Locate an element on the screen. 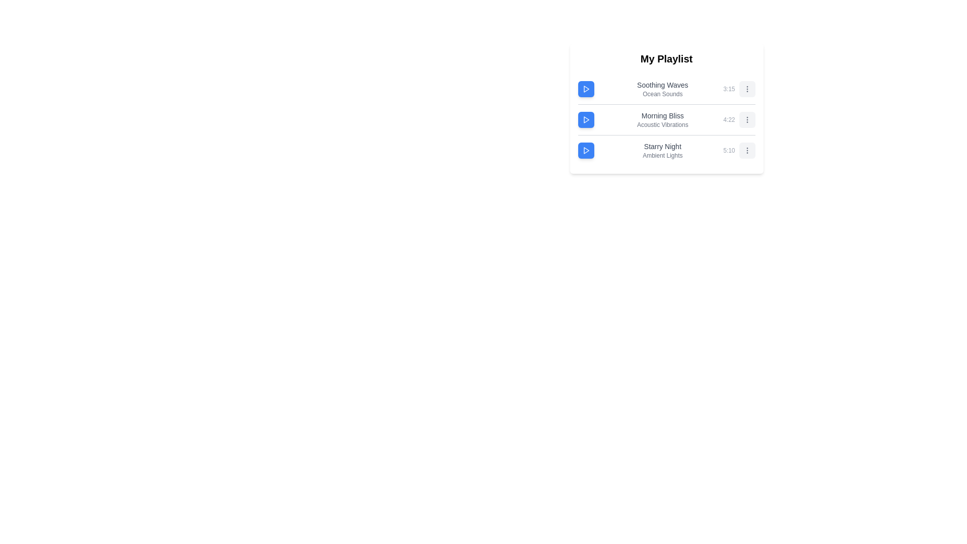  the small blue triangular play button icon located on the left side of the second item in the vertical list of audio tracks is located at coordinates (586, 119).